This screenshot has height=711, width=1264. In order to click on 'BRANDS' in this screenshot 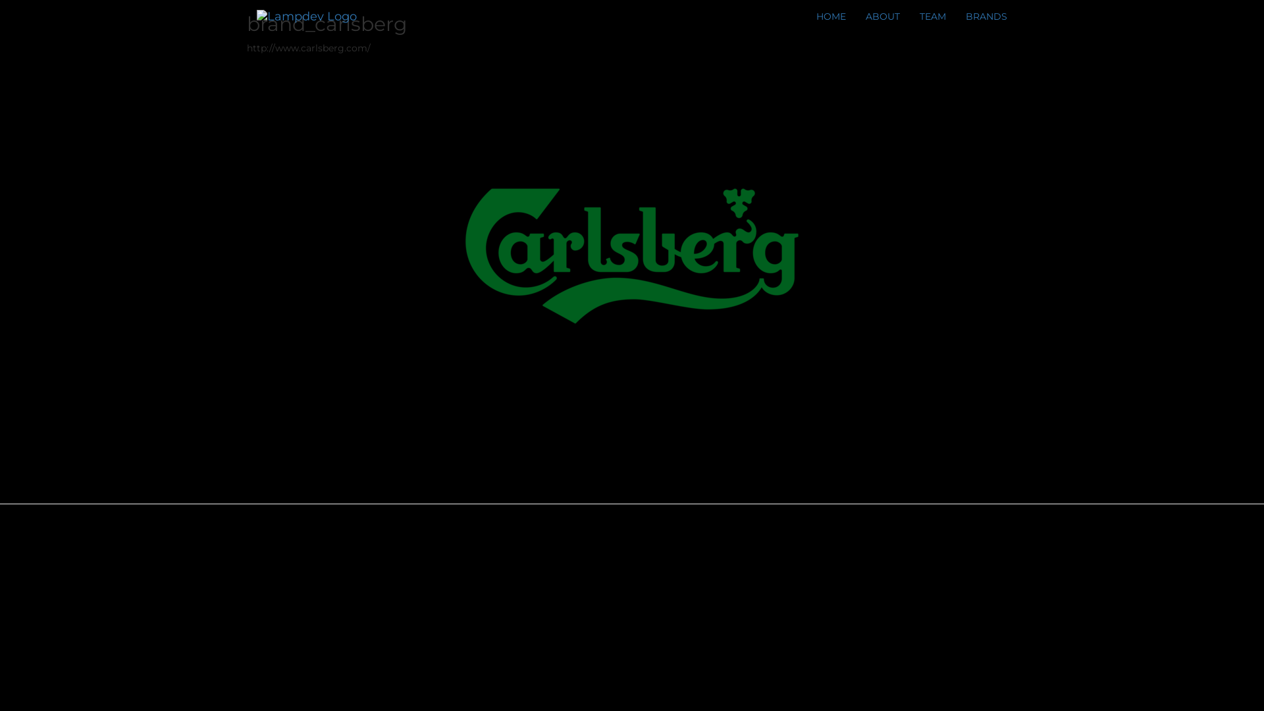, I will do `click(986, 16)`.